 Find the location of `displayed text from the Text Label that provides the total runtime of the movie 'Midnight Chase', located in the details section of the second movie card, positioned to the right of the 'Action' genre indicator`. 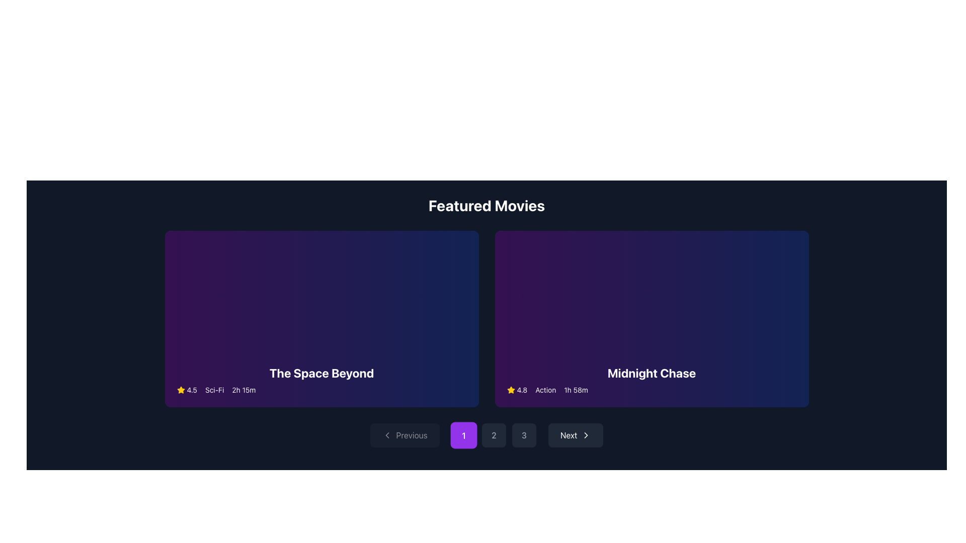

displayed text from the Text Label that provides the total runtime of the movie 'Midnight Chase', located in the details section of the second movie card, positioned to the right of the 'Action' genre indicator is located at coordinates (576, 389).